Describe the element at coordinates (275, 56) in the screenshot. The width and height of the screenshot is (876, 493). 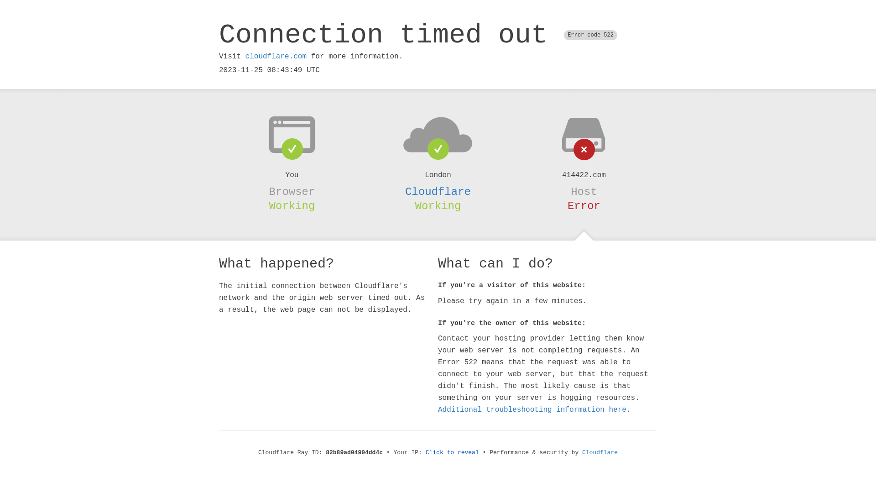
I see `'cloudflare.com'` at that location.